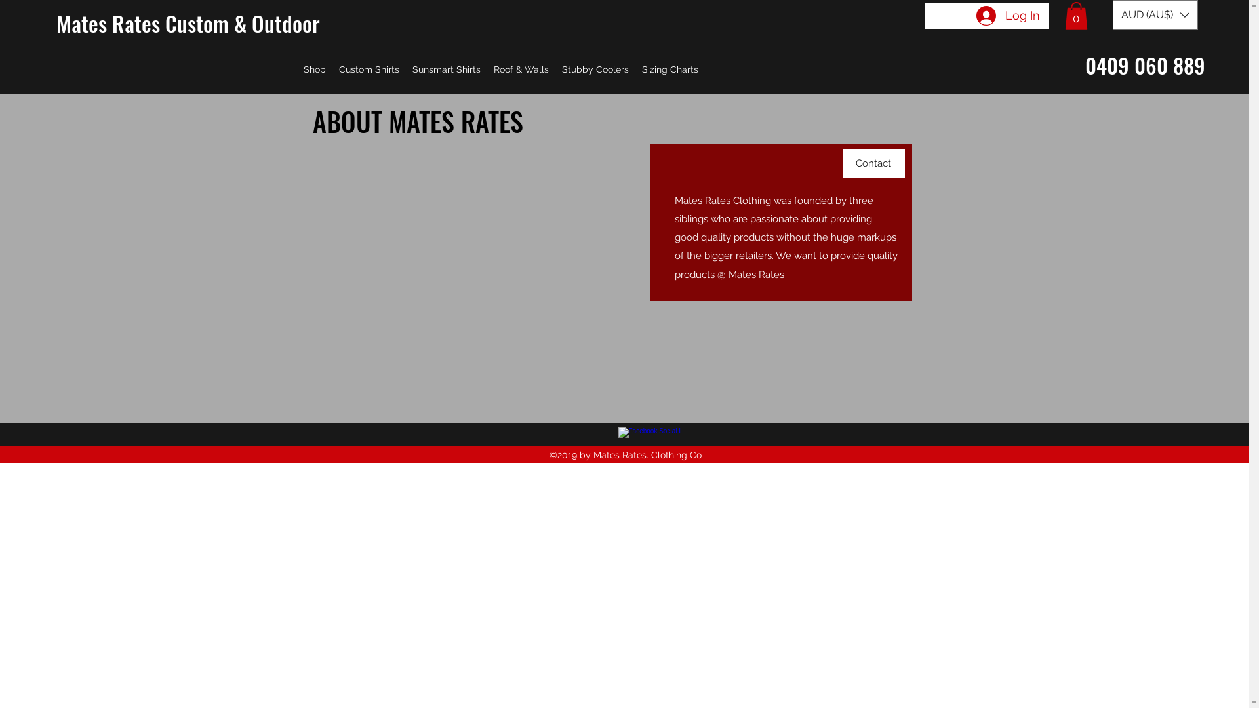 This screenshot has height=708, width=1259. I want to click on 'Sizing Charts', so click(635, 69).